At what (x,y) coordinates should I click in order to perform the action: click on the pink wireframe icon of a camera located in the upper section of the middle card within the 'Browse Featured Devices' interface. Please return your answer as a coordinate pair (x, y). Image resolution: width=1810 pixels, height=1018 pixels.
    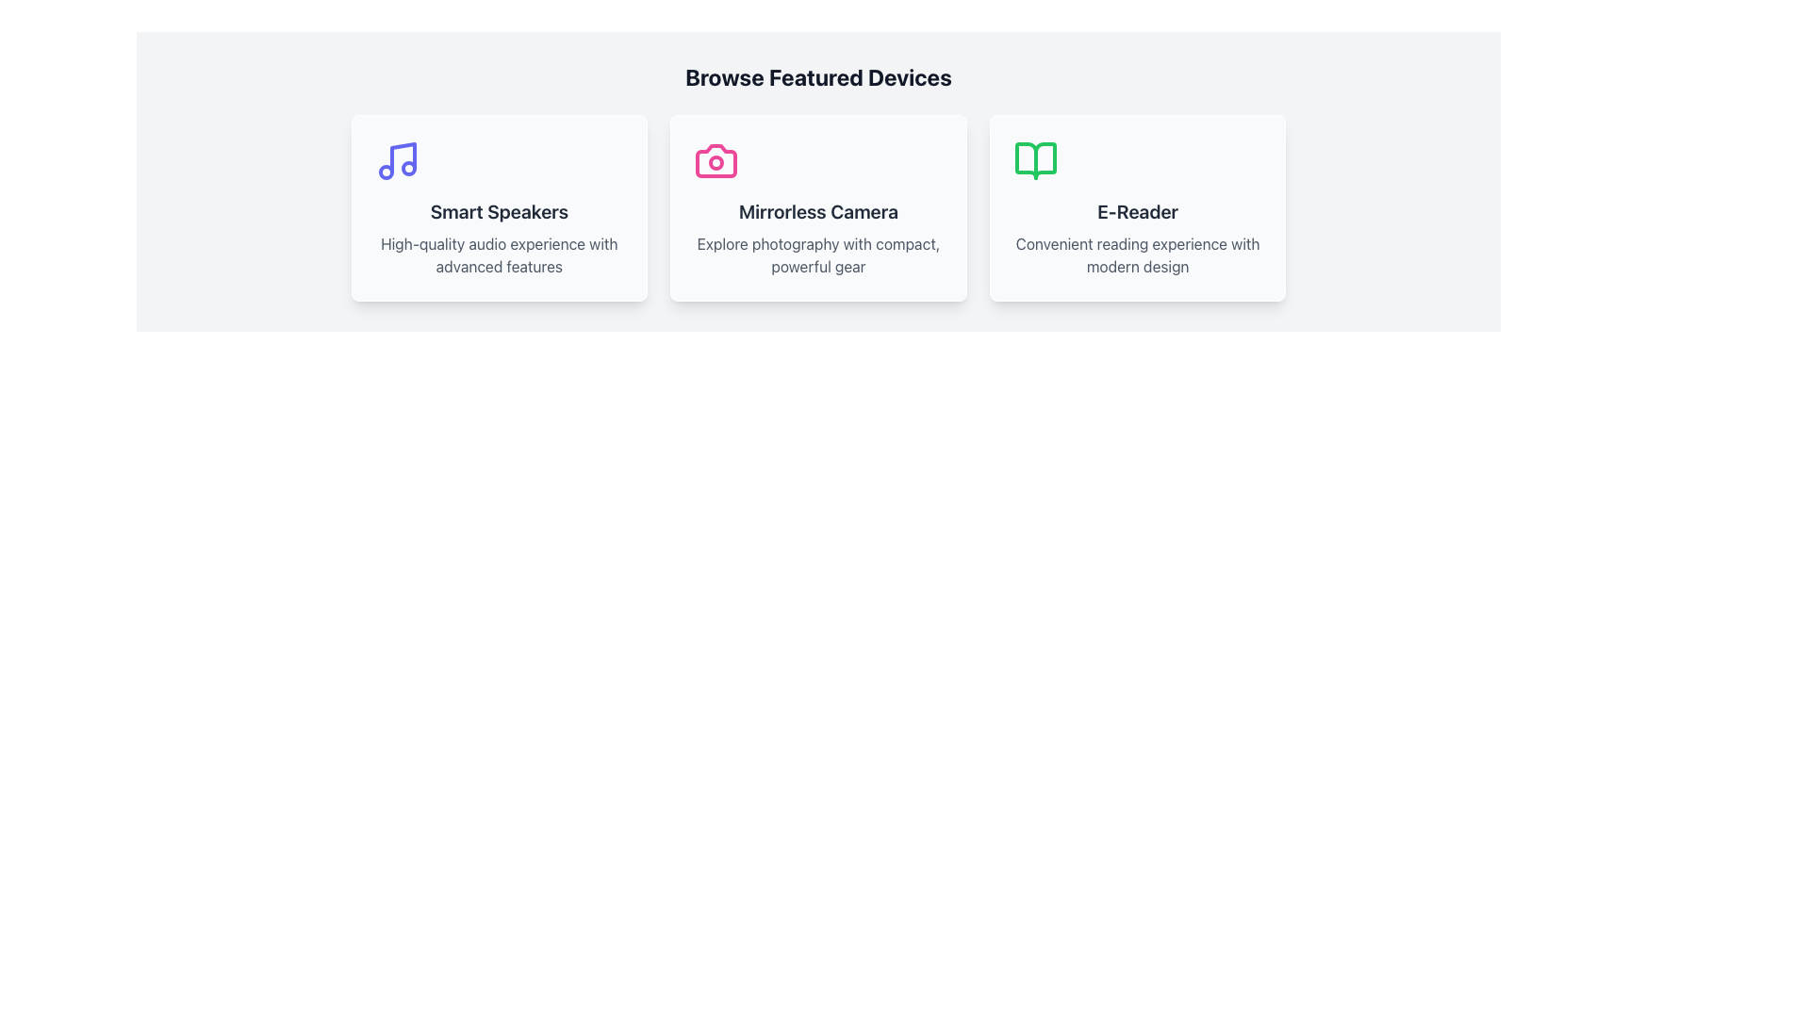
    Looking at the image, I should click on (716, 159).